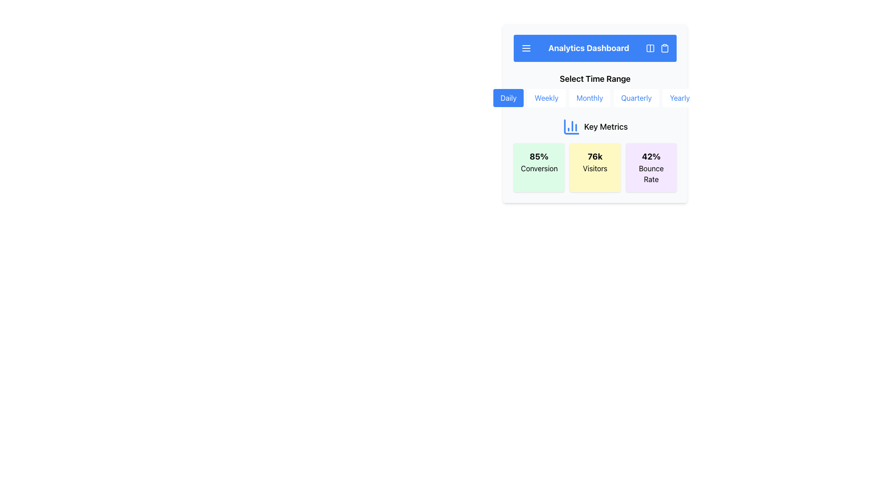 The width and height of the screenshot is (869, 488). What do you see at coordinates (539, 167) in the screenshot?
I see `the Statistical Display element that shows '85% Conversion', which is the leftmost of three metrics in the 'Key Metrics' section` at bounding box center [539, 167].